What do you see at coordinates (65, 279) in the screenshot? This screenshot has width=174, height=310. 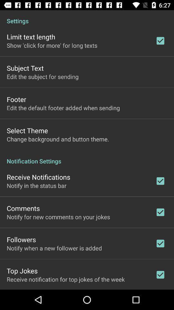 I see `receive notification for` at bounding box center [65, 279].